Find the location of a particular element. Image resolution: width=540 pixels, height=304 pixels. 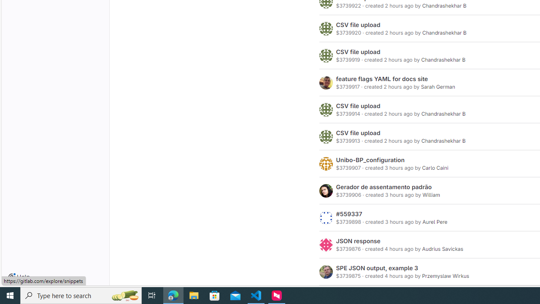

'SPE JSON output, example 3' is located at coordinates (377, 268).